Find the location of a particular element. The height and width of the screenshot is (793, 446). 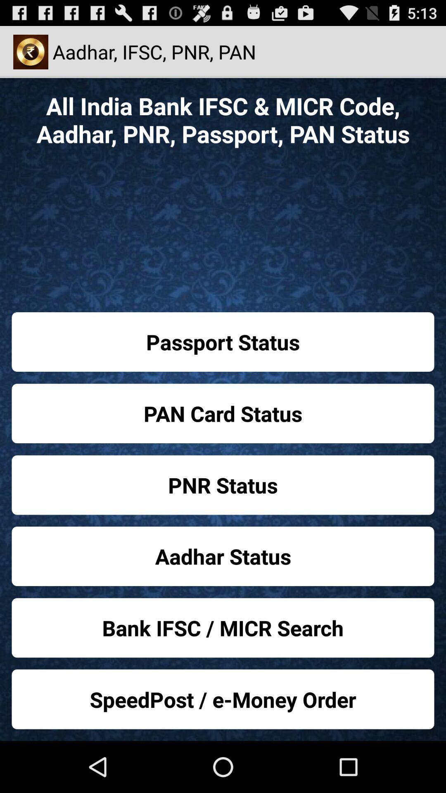

speedpost e money button is located at coordinates (223, 699).